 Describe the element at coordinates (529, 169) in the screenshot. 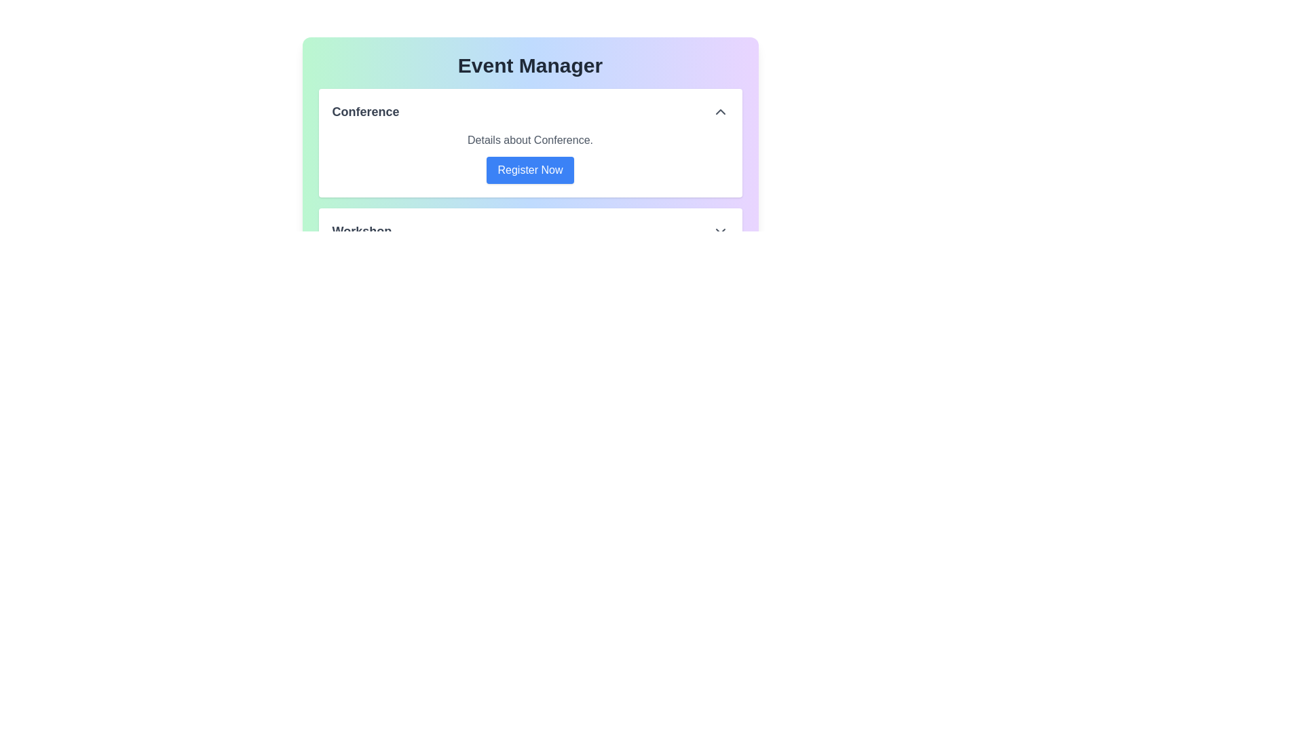

I see `the 'Register Now' button` at that location.